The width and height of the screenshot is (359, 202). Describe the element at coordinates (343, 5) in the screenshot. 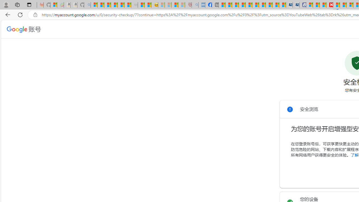

I see `'14 Common Myths Debunked By Scientific Facts'` at that location.